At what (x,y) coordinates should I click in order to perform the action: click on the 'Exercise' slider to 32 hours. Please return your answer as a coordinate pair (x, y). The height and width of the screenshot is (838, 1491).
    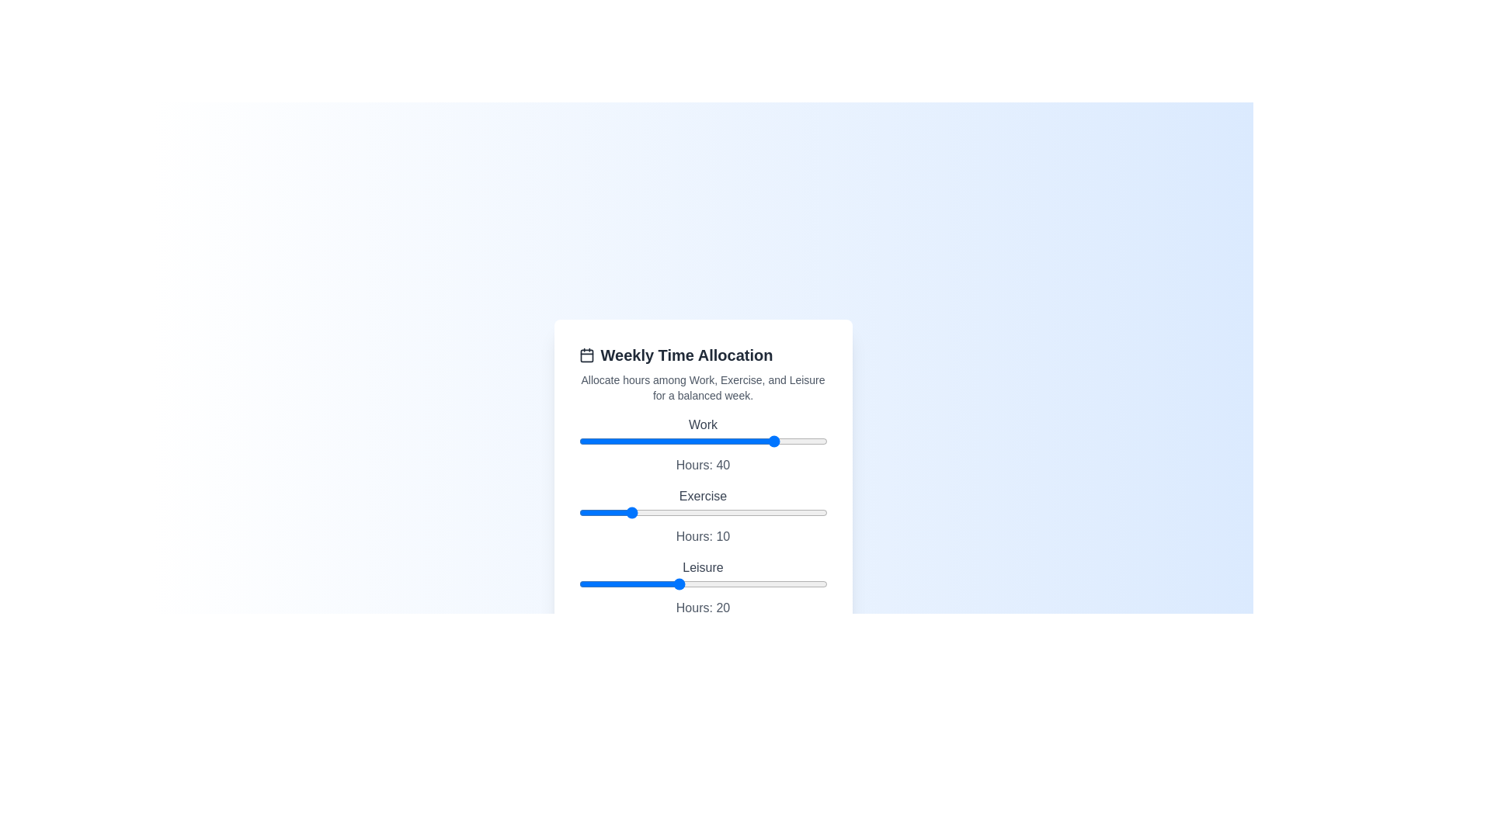
    Looking at the image, I should click on (737, 512).